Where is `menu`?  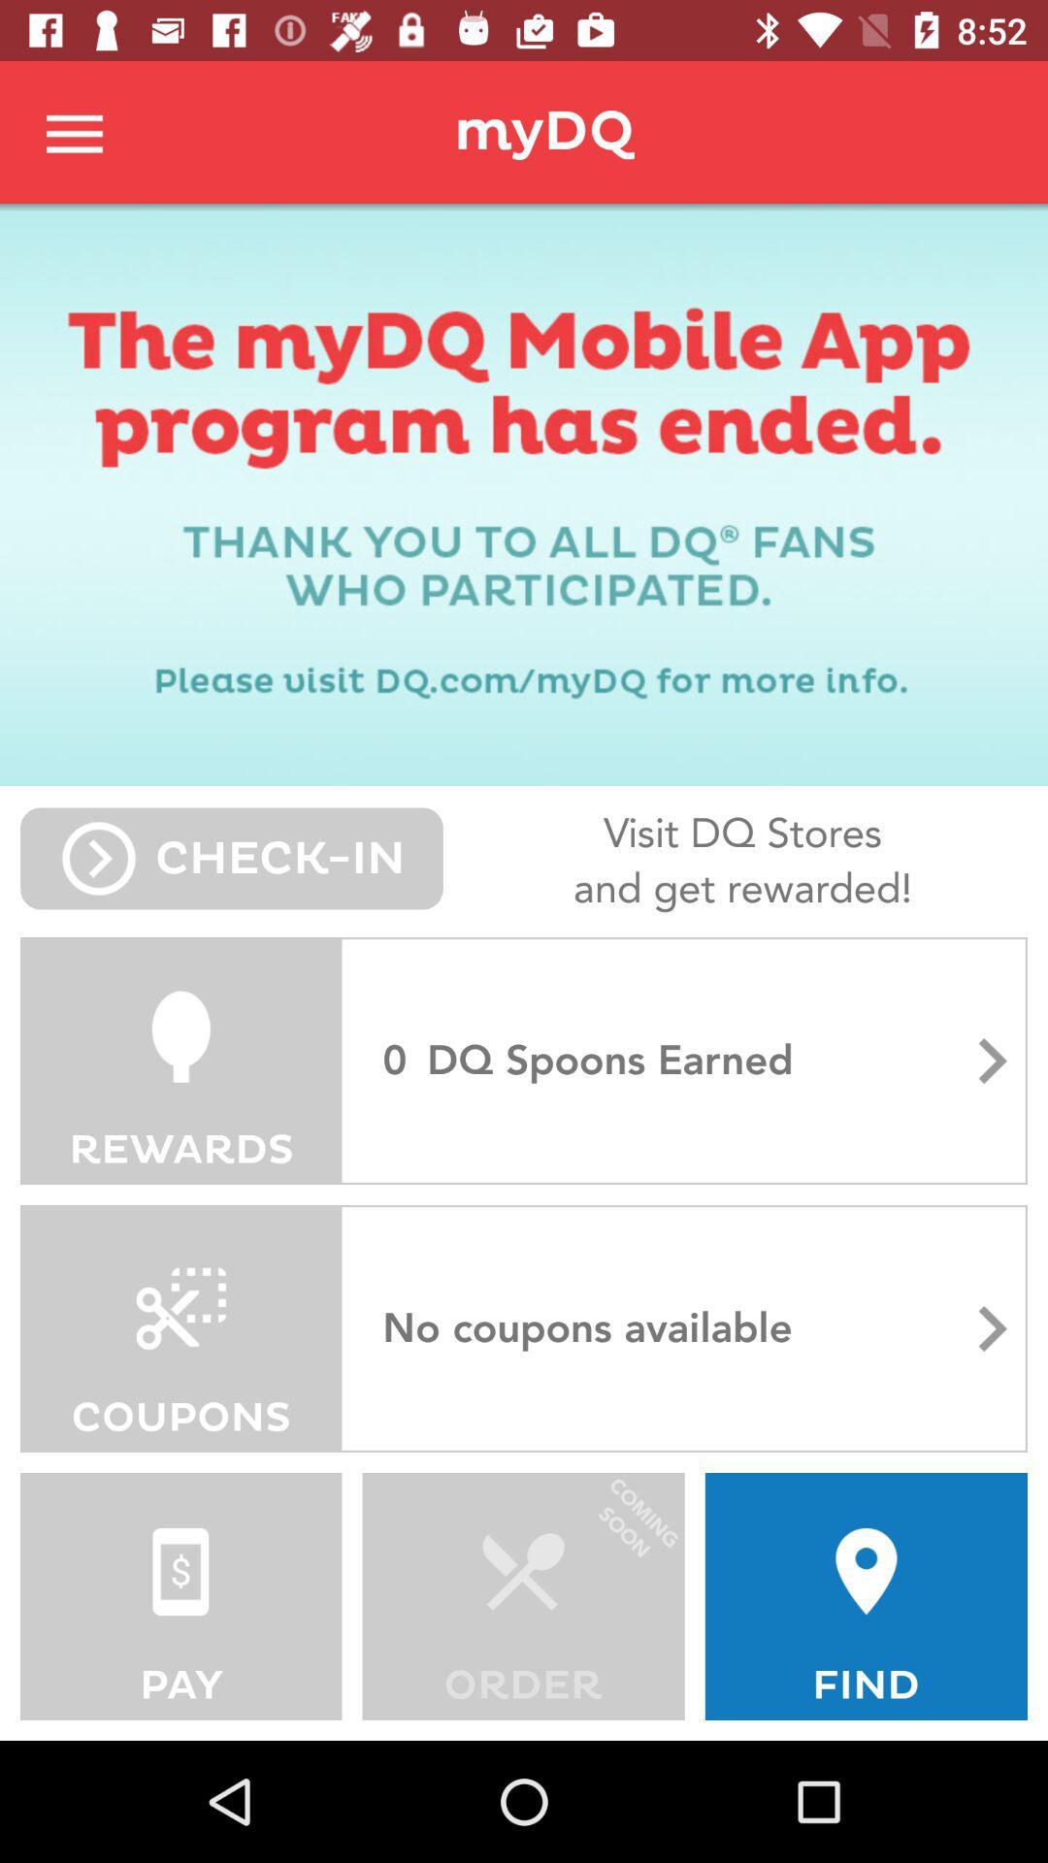 menu is located at coordinates (75, 131).